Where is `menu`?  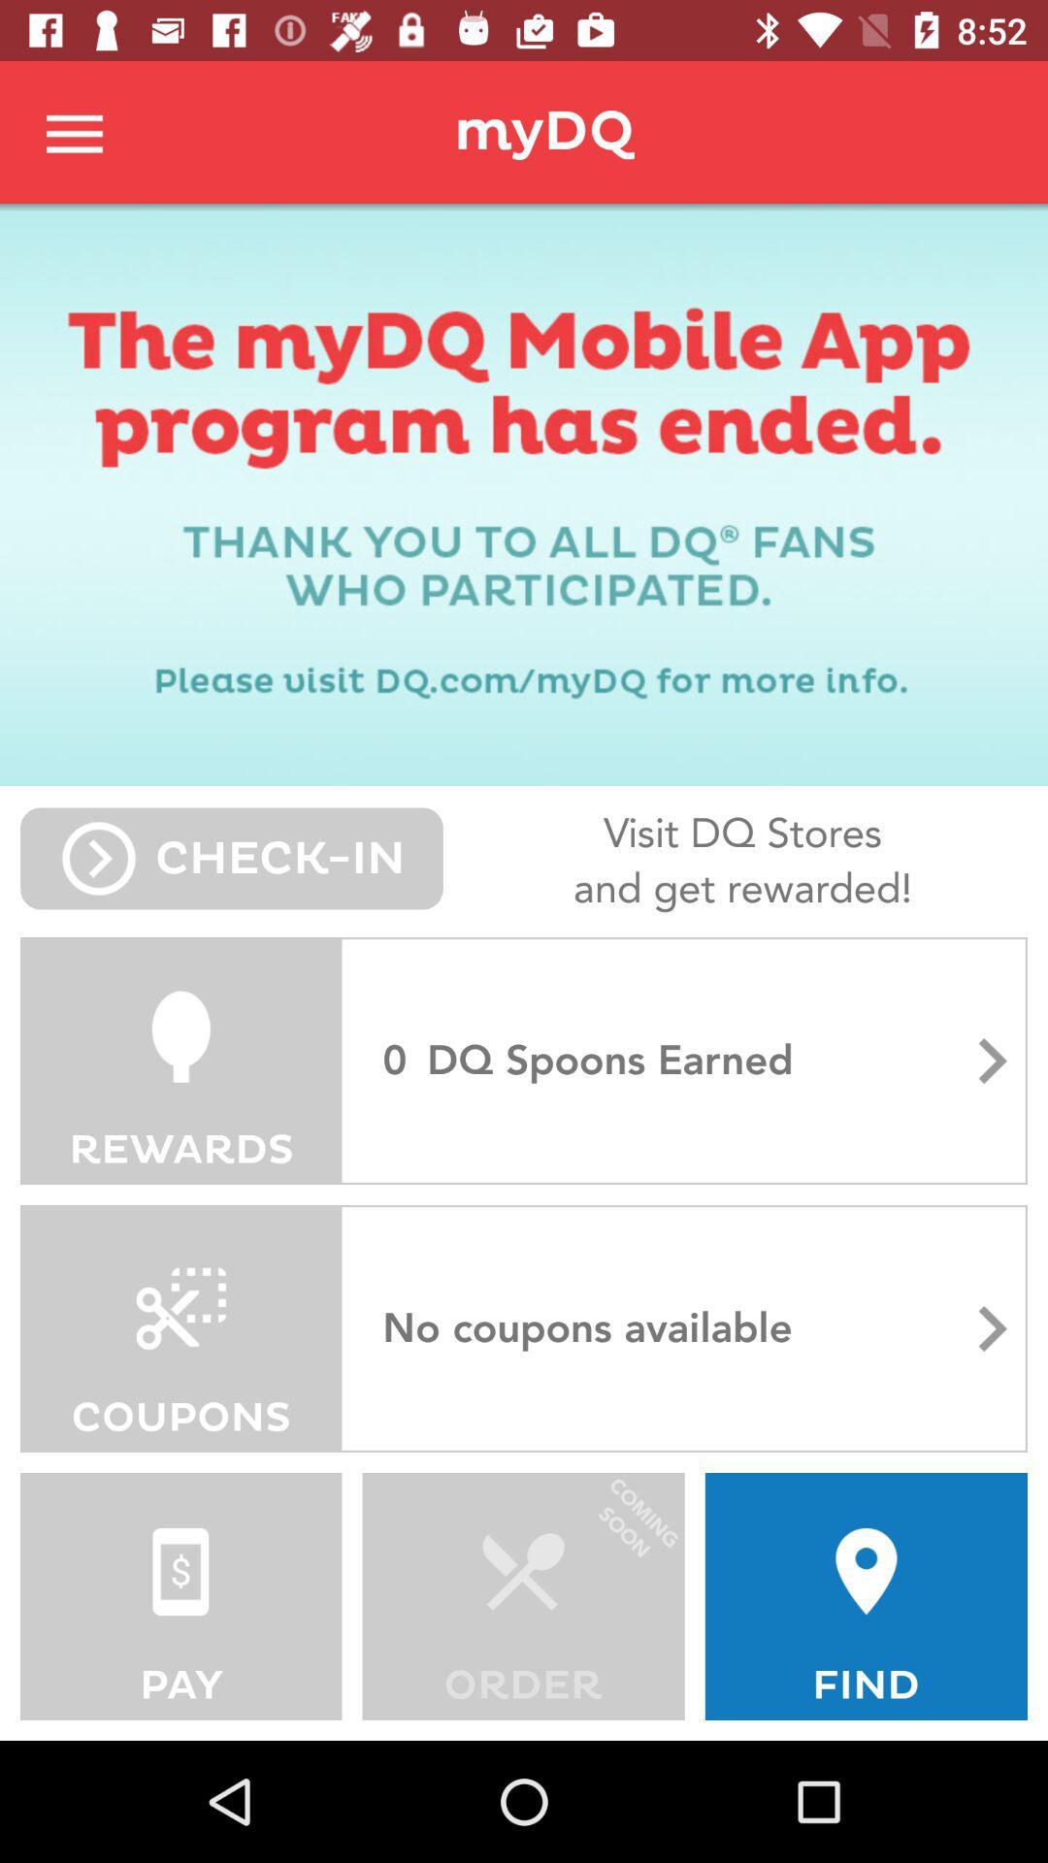 menu is located at coordinates (75, 131).